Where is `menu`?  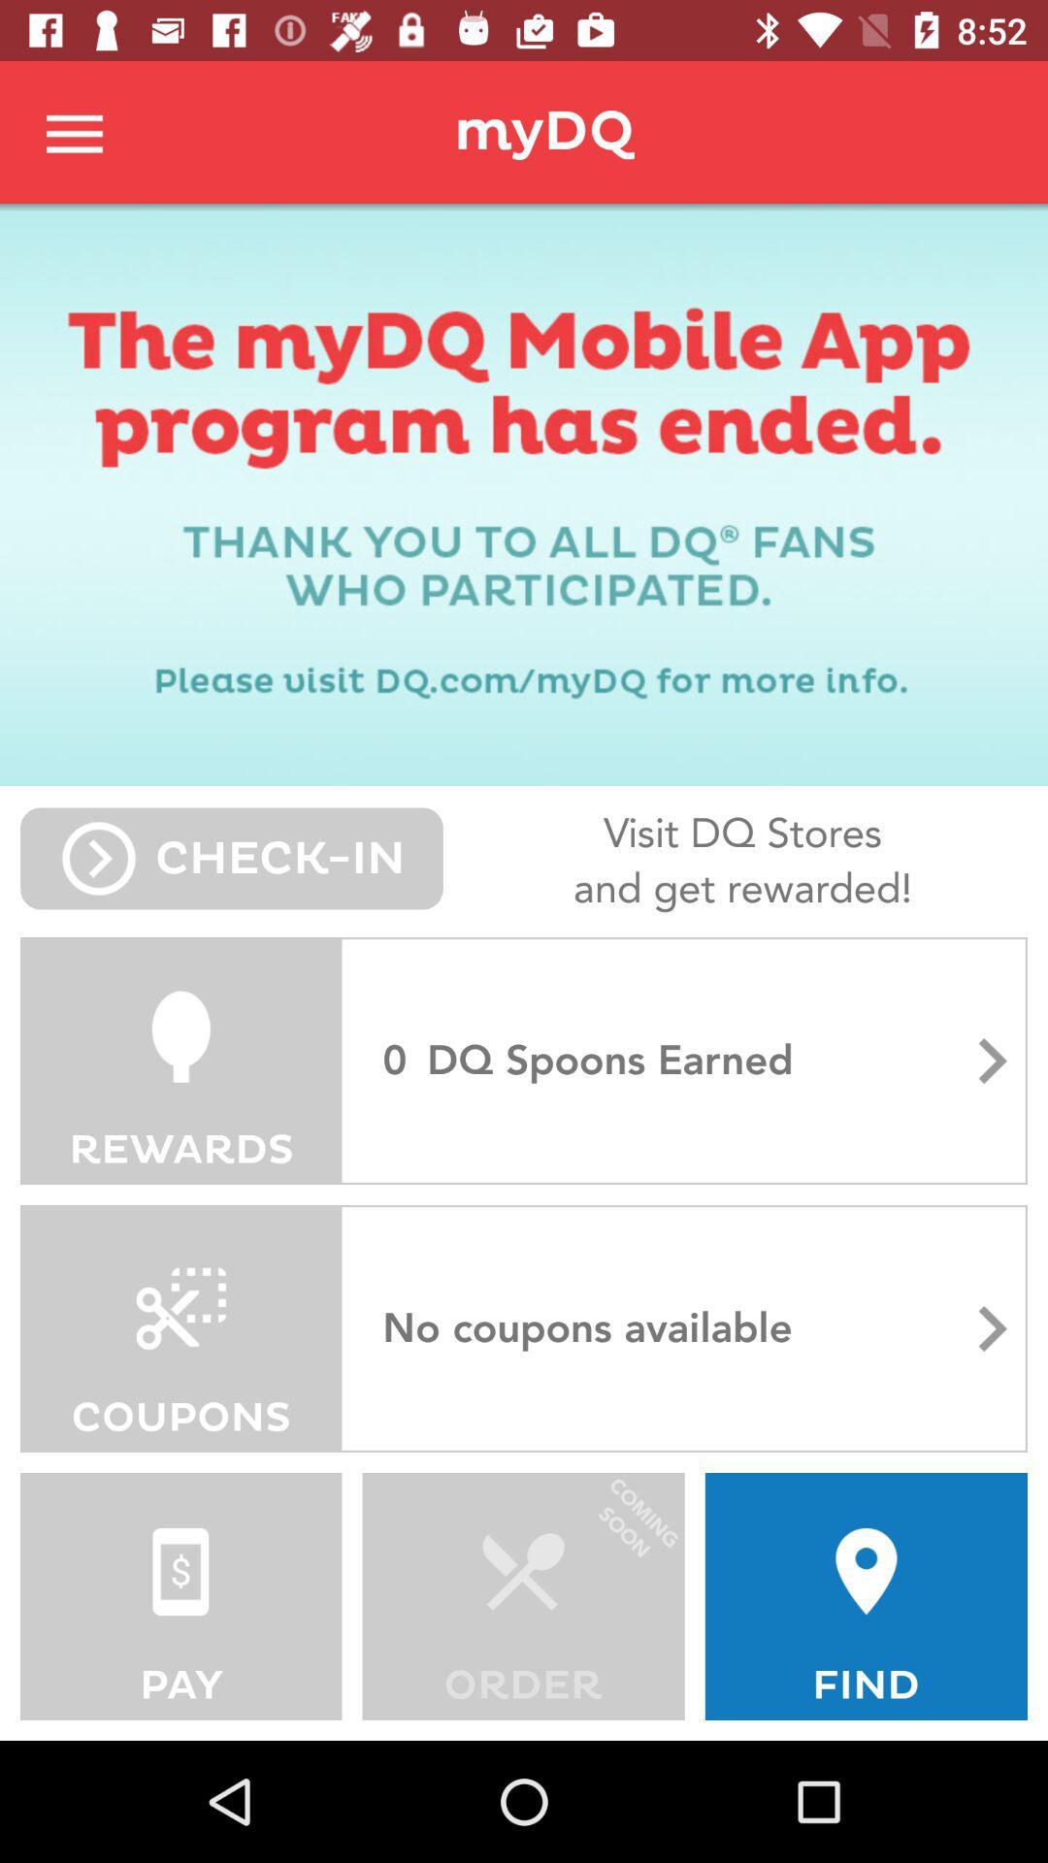 menu is located at coordinates (75, 131).